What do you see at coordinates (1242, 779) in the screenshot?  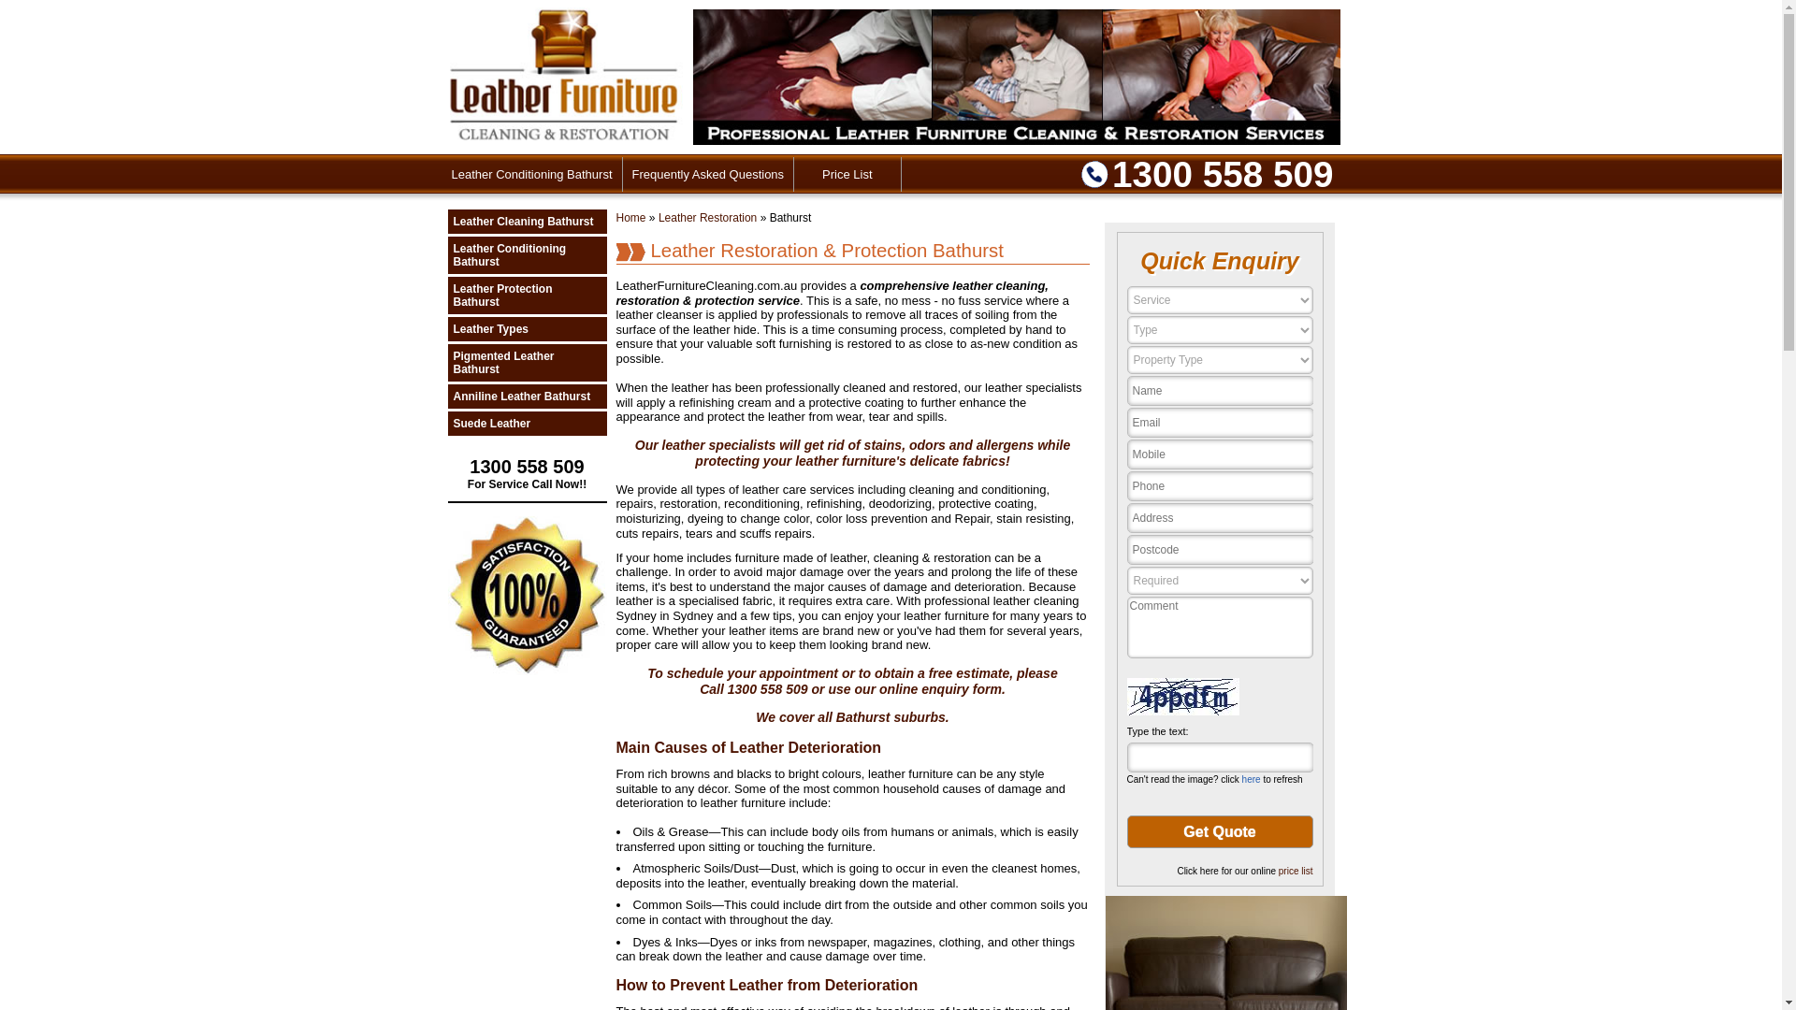 I see `'here'` at bounding box center [1242, 779].